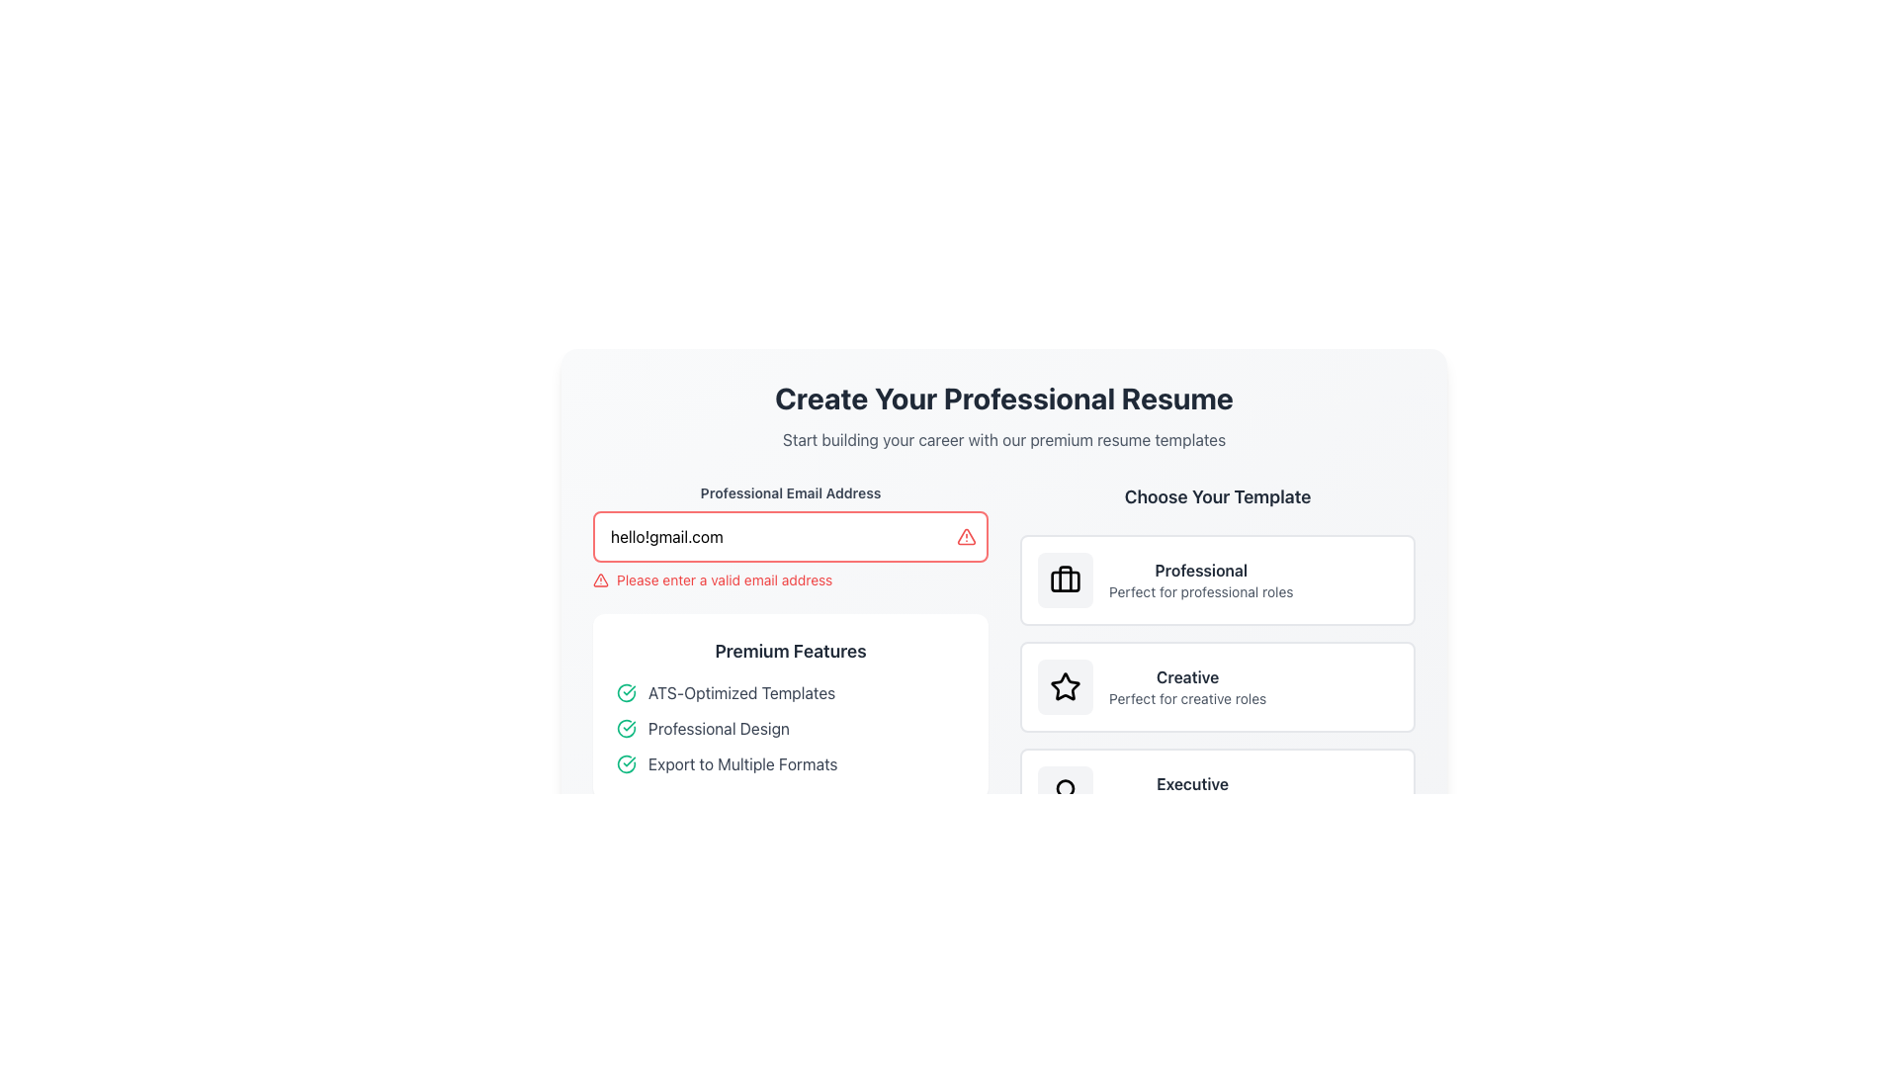 The width and height of the screenshot is (1898, 1068). What do you see at coordinates (791, 652) in the screenshot?
I see `the 'Premium Features' text label, which is a bold and larger font title displayed in dark gray, positioned at the top of its box section below the email input area` at bounding box center [791, 652].